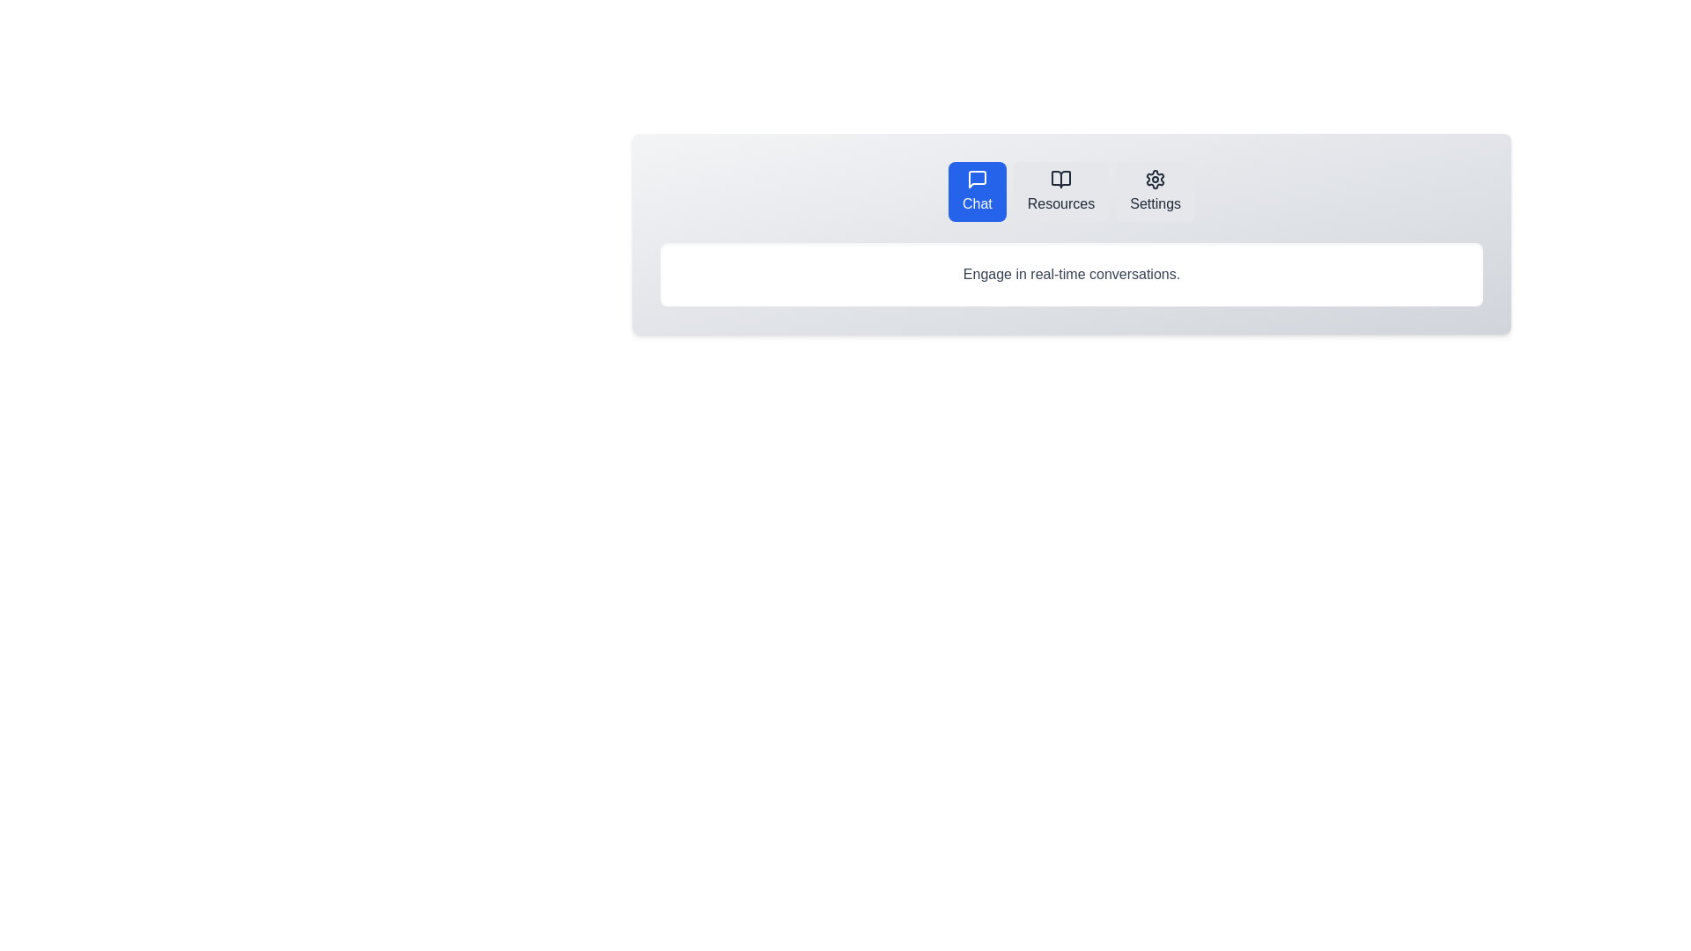 The image size is (1691, 951). What do you see at coordinates (1156, 180) in the screenshot?
I see `the gear icon located in the 'Settings' section of the navigation bar` at bounding box center [1156, 180].